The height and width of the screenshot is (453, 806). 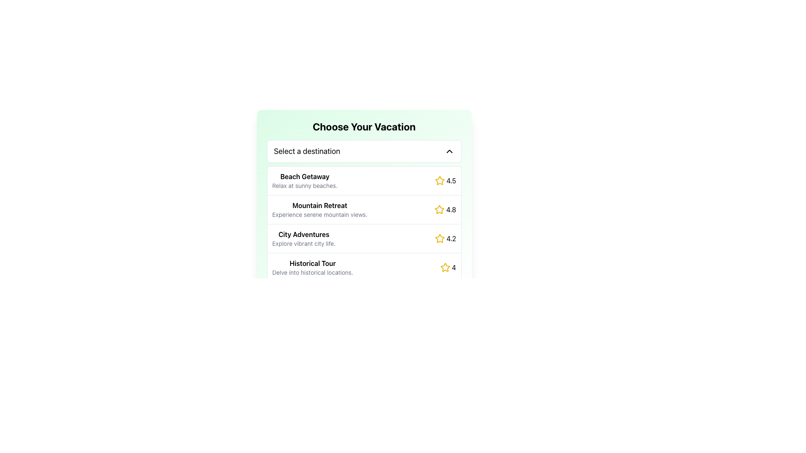 What do you see at coordinates (306, 151) in the screenshot?
I see `the dropdown associated with the 'Select a destination' text label` at bounding box center [306, 151].